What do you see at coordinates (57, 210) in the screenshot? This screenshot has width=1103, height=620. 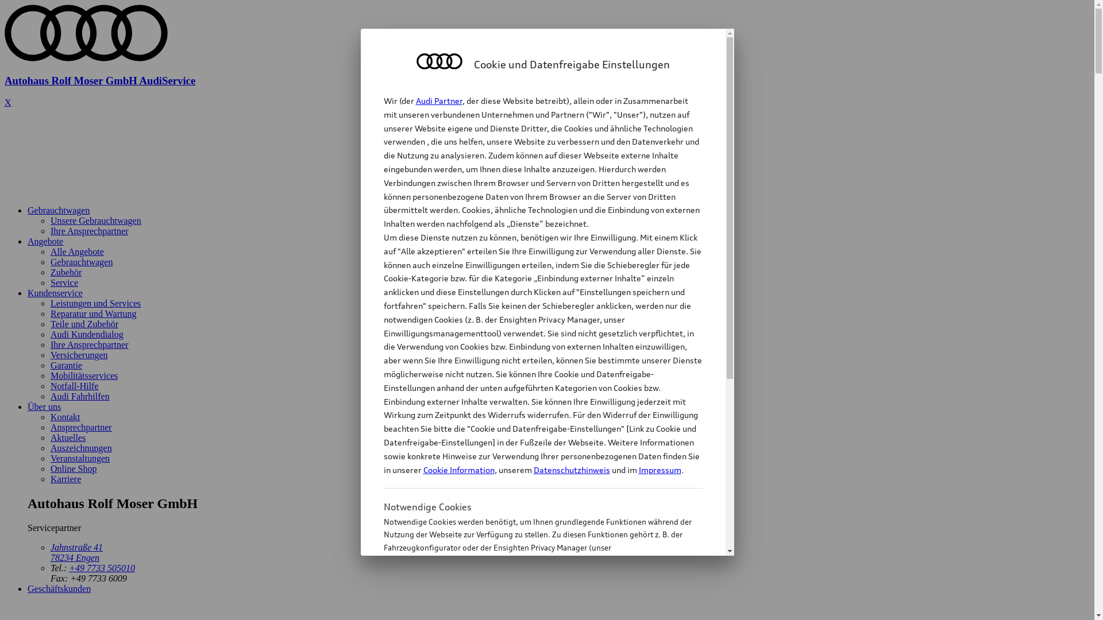 I see `'Gebrauchtwagen'` at bounding box center [57, 210].